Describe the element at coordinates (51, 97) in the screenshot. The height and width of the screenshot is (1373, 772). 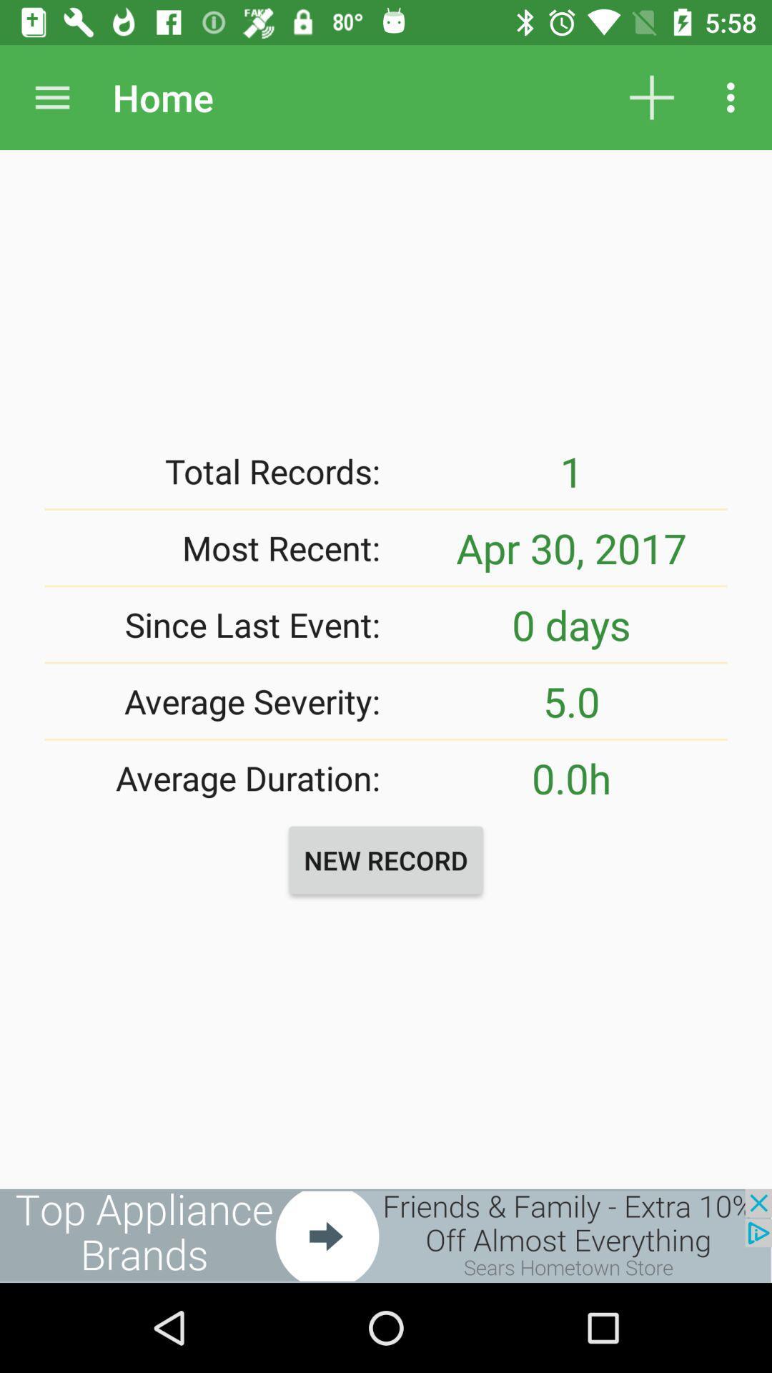
I see `open menu` at that location.